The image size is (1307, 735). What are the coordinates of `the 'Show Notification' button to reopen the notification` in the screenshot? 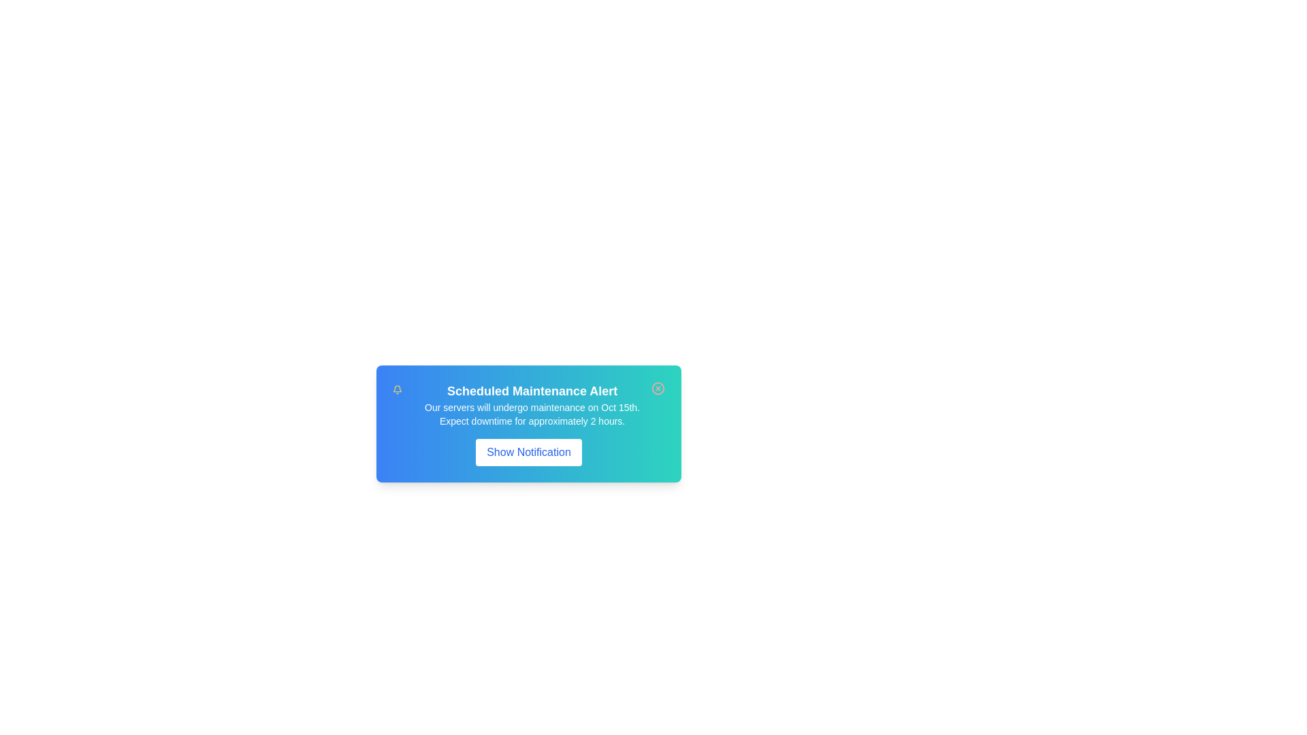 It's located at (528, 452).